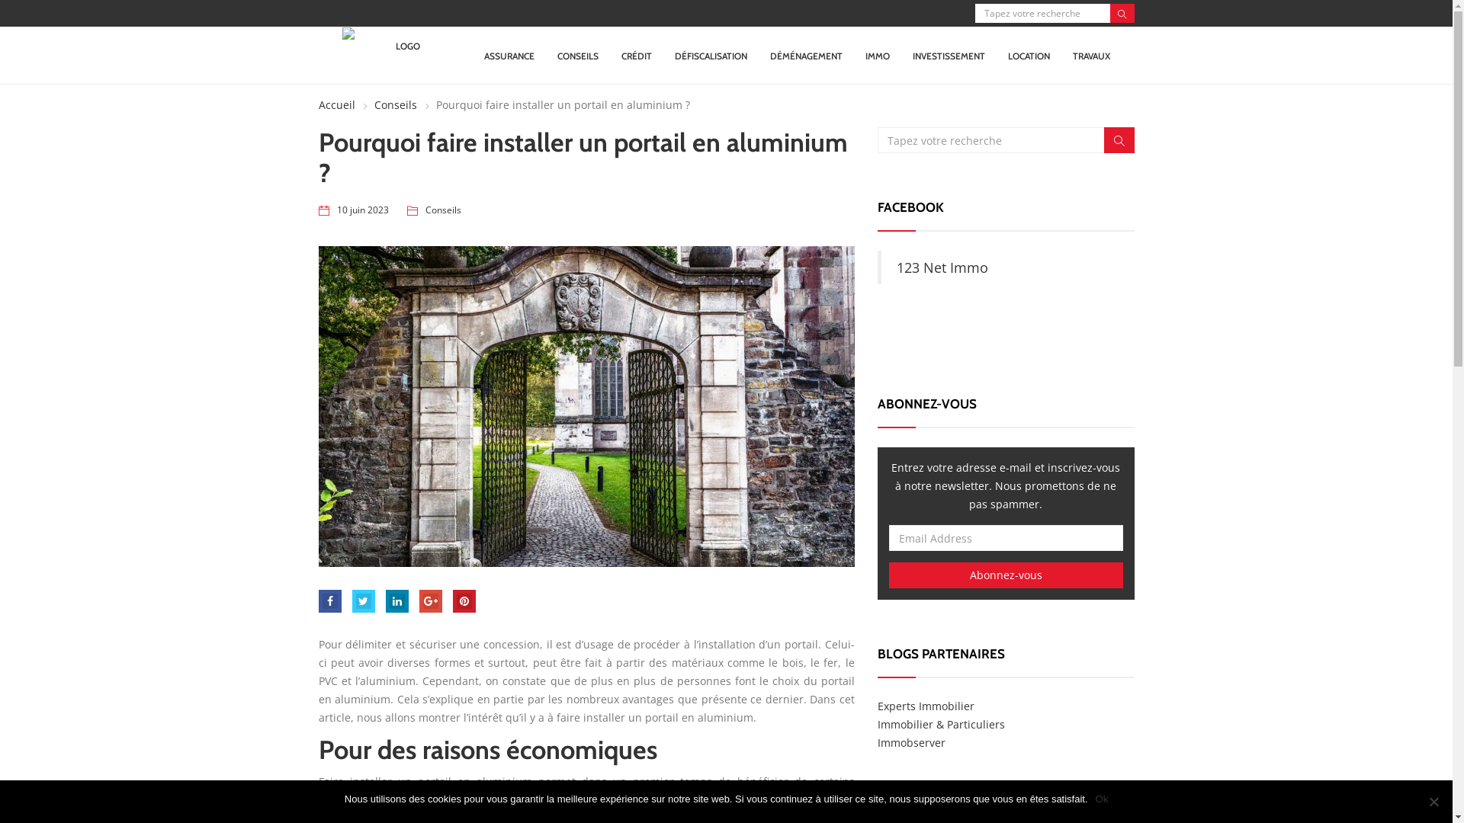 This screenshot has height=823, width=1464. I want to click on 'Conseils', so click(387, 104).